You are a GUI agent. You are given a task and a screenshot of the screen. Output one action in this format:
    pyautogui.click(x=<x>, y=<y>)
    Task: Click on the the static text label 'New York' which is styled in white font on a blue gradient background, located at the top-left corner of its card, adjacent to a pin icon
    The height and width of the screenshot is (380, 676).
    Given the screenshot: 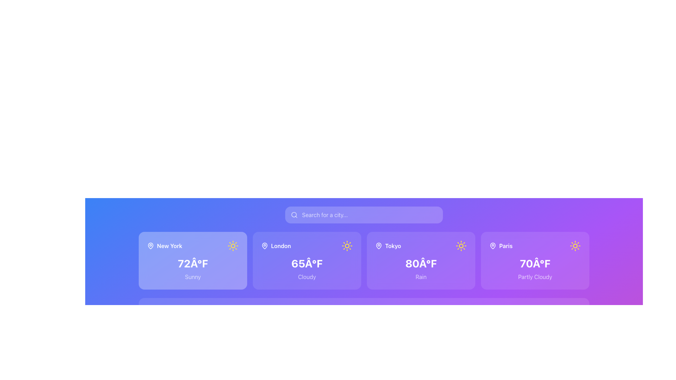 What is the action you would take?
    pyautogui.click(x=169, y=245)
    